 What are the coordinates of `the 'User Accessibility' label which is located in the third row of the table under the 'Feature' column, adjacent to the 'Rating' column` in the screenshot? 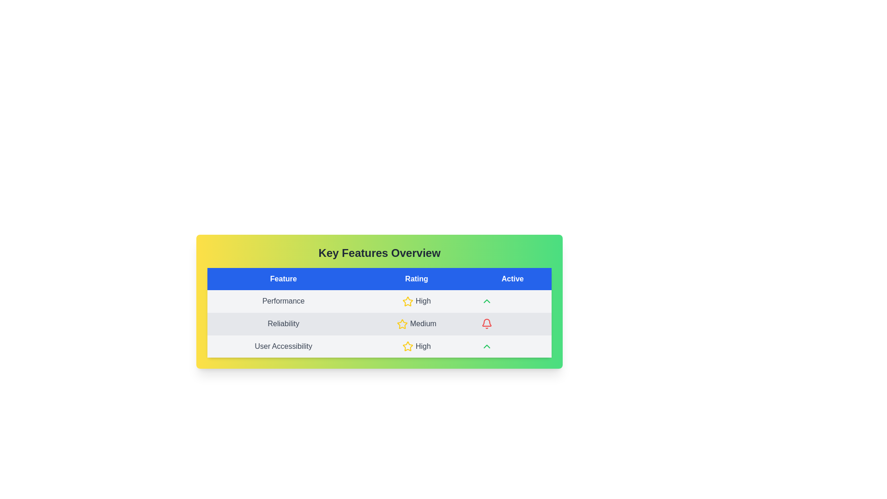 It's located at (283, 346).